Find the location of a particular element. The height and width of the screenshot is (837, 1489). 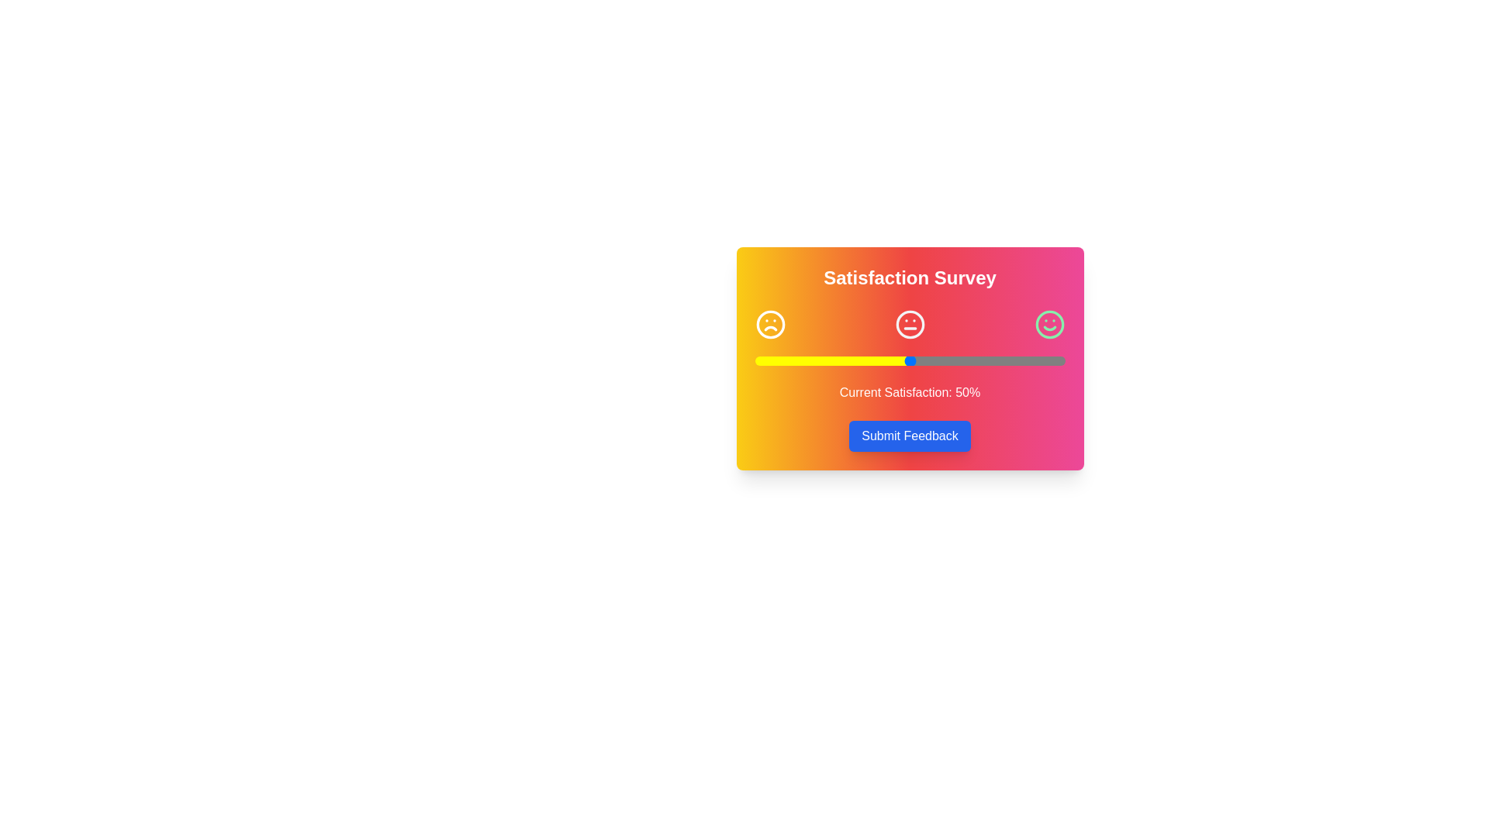

the slider to 6% satisfaction is located at coordinates (773, 361).